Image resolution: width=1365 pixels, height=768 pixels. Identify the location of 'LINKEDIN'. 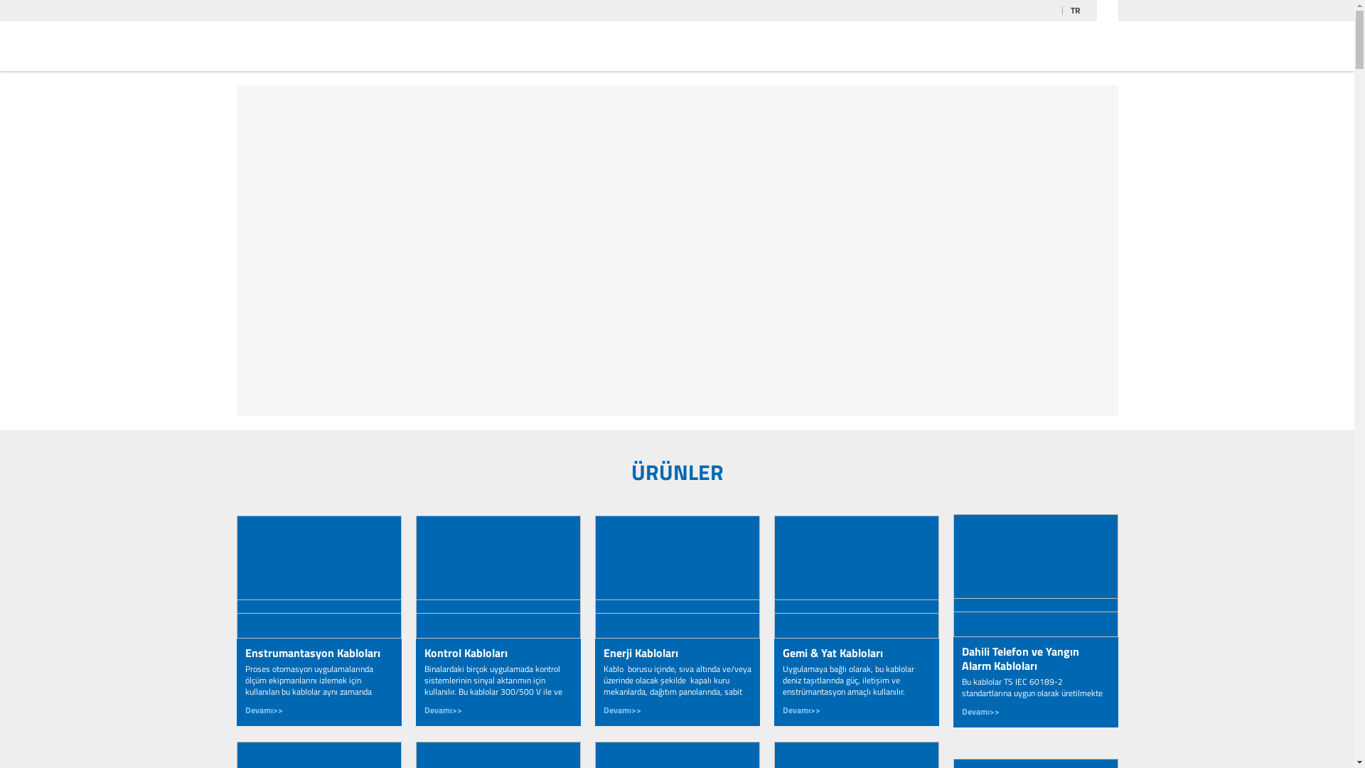
(969, 11).